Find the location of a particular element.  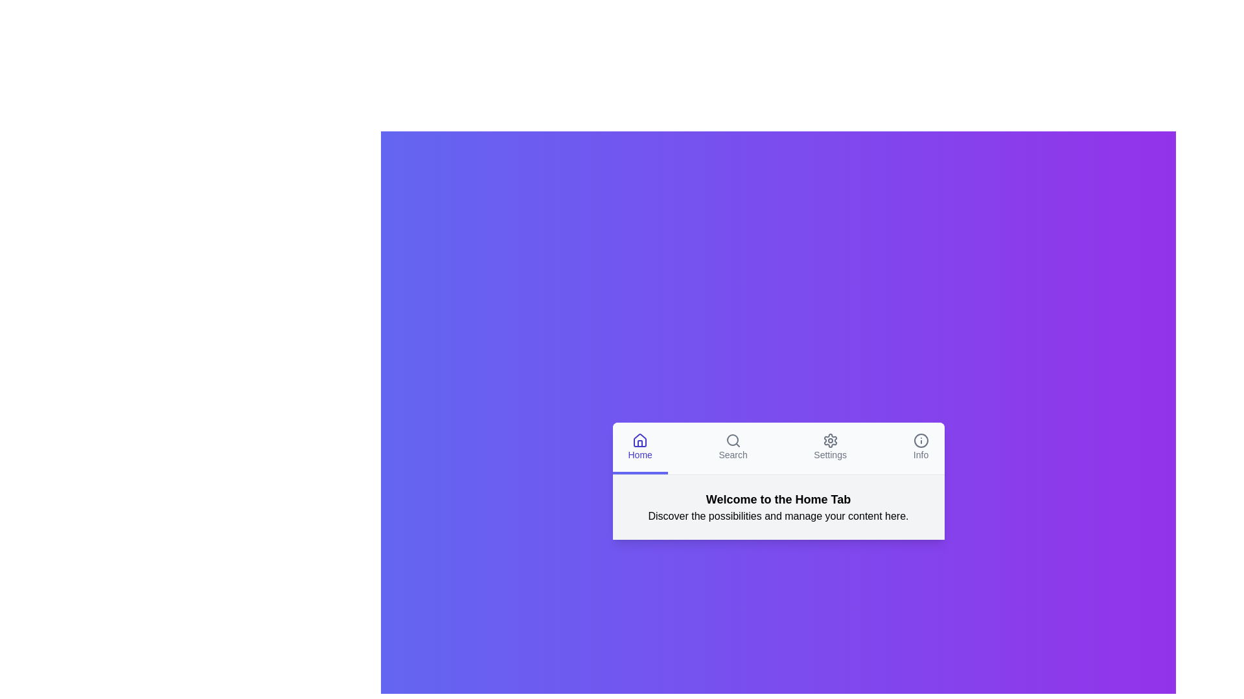

the 'Info' icon located beside the 'Settings' tab in the bottom navigation bar, which serves as a visual indicator for informational functions is located at coordinates (920, 439).